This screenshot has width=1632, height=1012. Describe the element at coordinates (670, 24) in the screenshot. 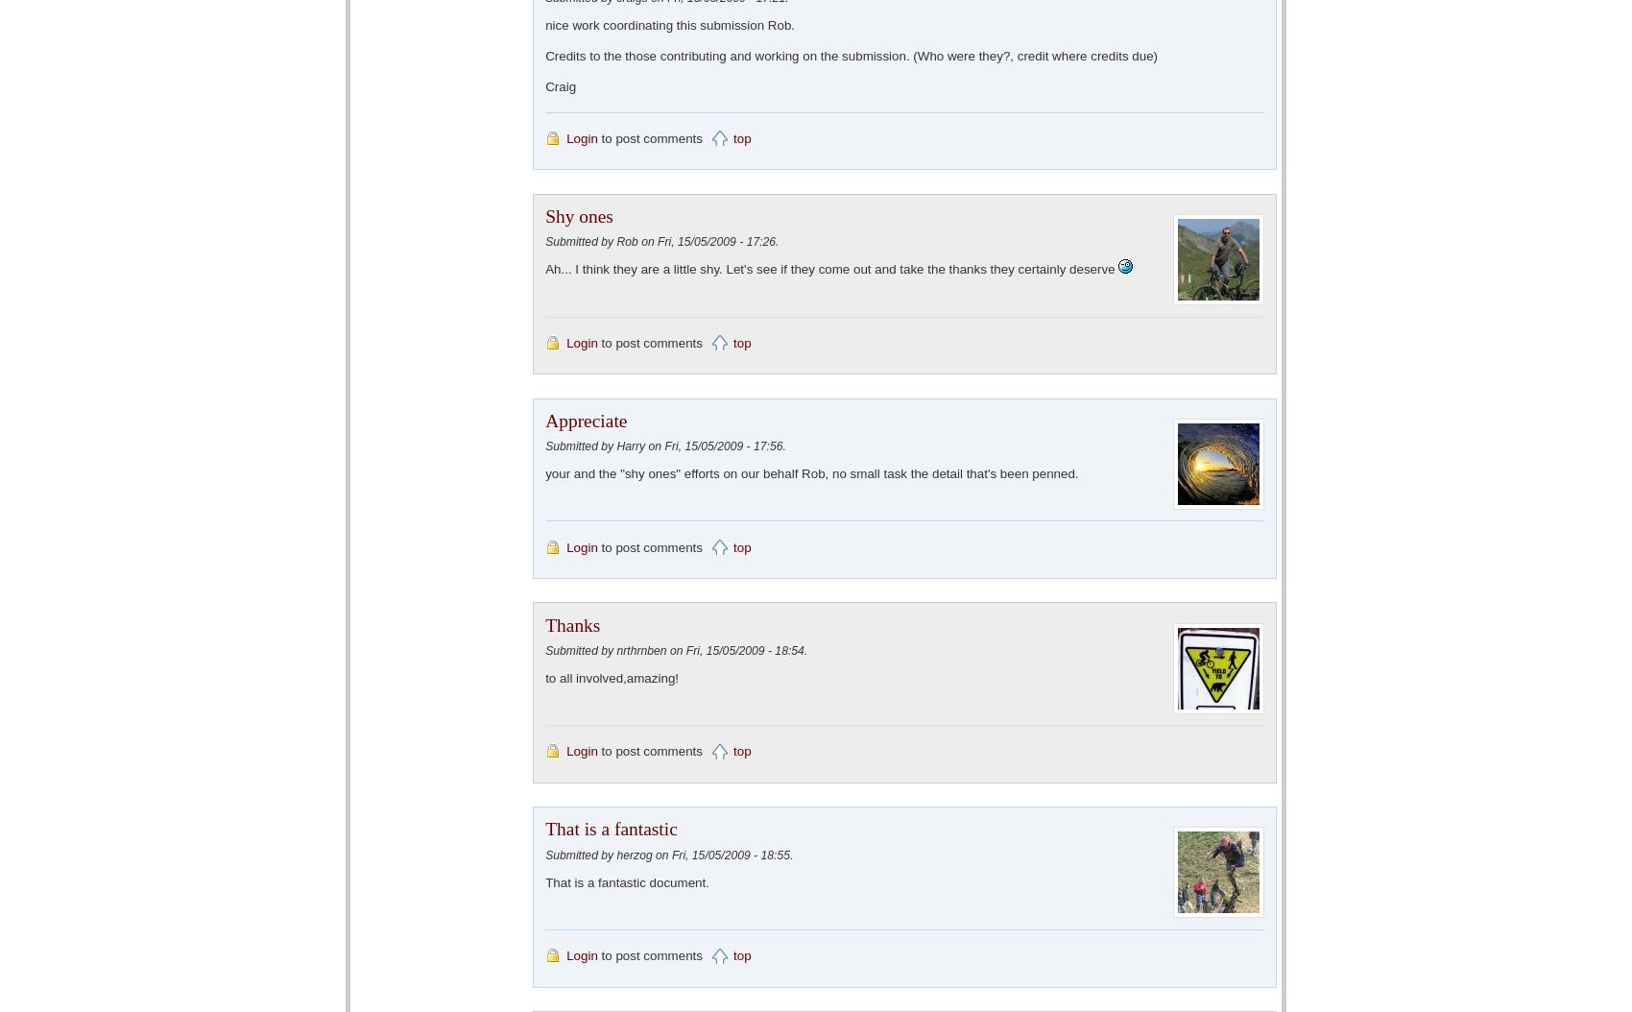

I see `'nice work coordinating this submission Rob.'` at that location.